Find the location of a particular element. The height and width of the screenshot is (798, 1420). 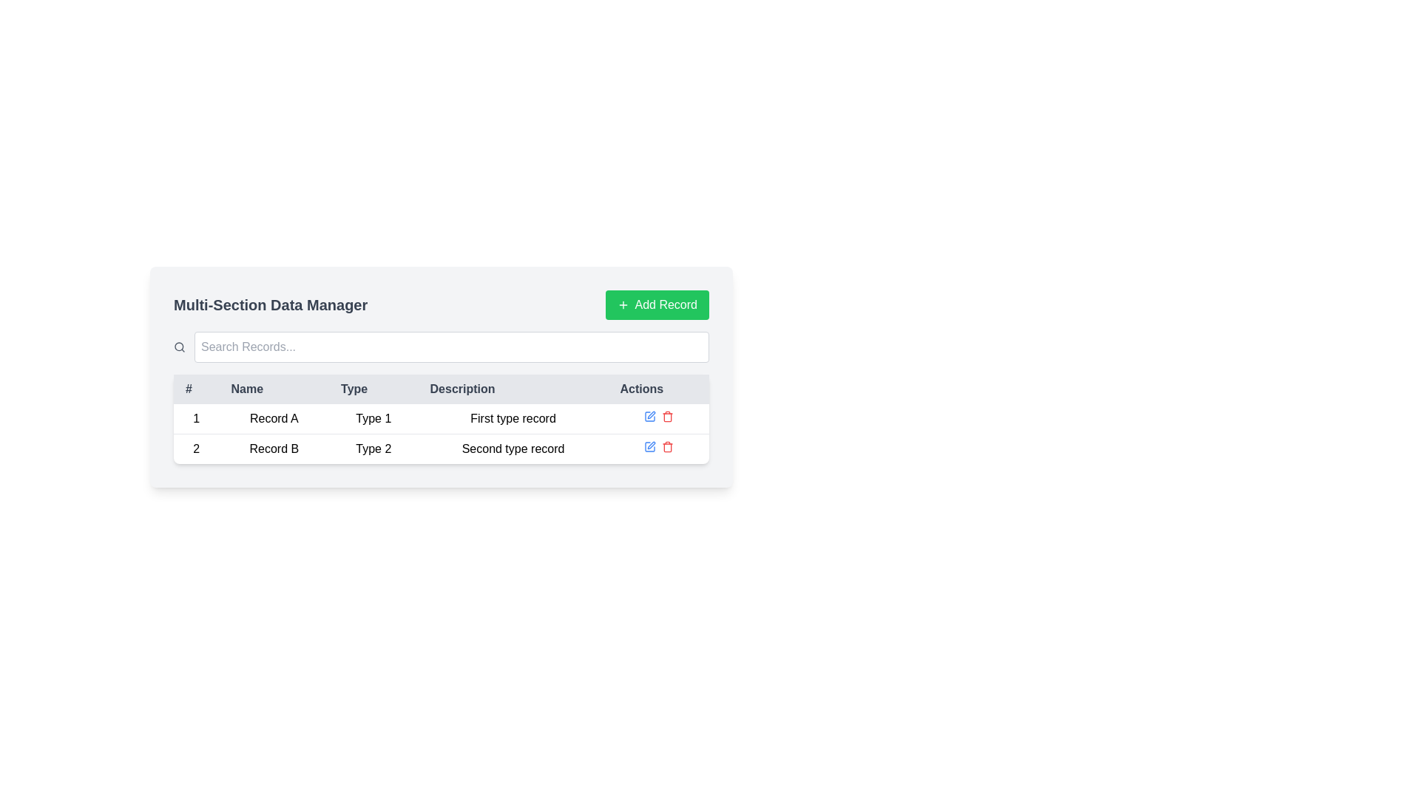

the red trash bin icon button, which is the second action icon in the 'Actions' column of the second data row is located at coordinates (666, 446).